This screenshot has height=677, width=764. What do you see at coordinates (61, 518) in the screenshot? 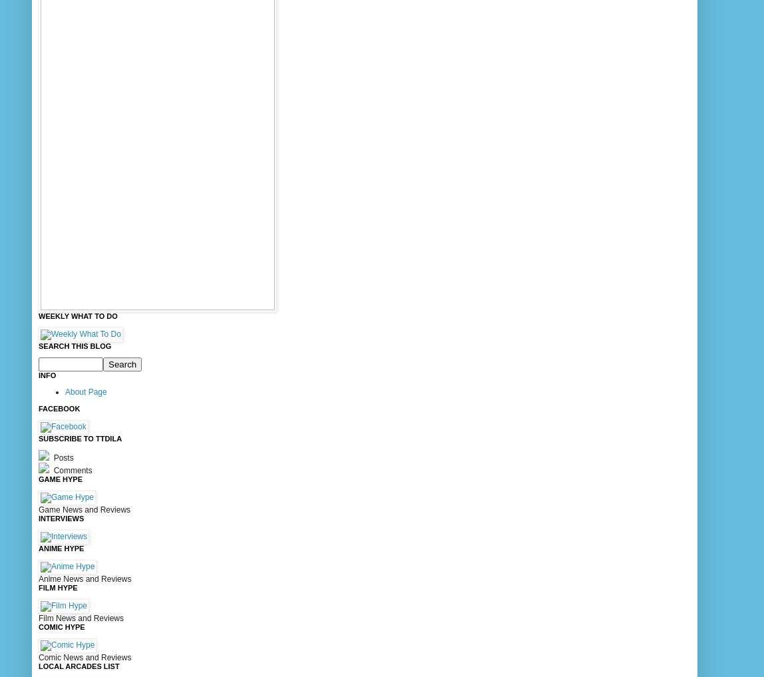
I see `'Interviews'` at bounding box center [61, 518].